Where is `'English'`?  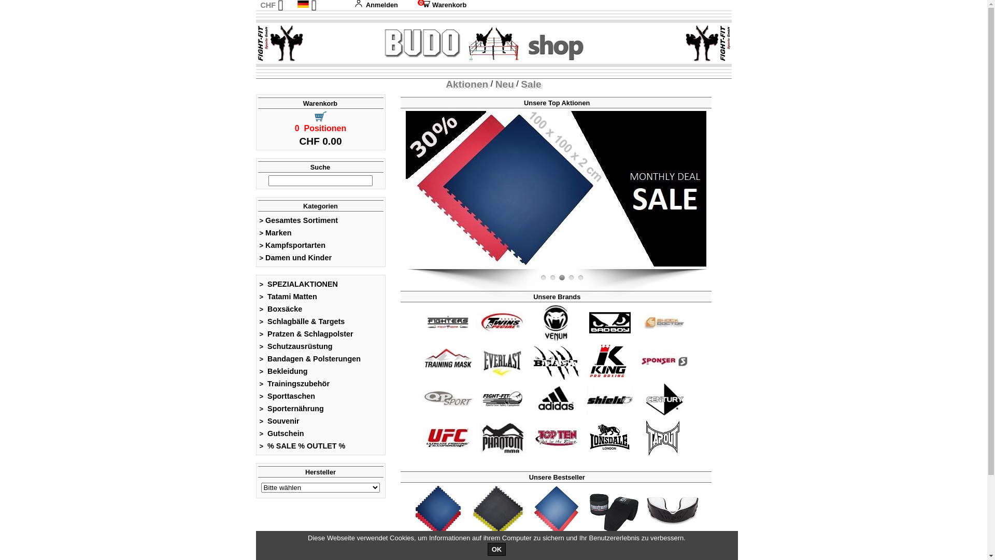 'English' is located at coordinates (316, 16).